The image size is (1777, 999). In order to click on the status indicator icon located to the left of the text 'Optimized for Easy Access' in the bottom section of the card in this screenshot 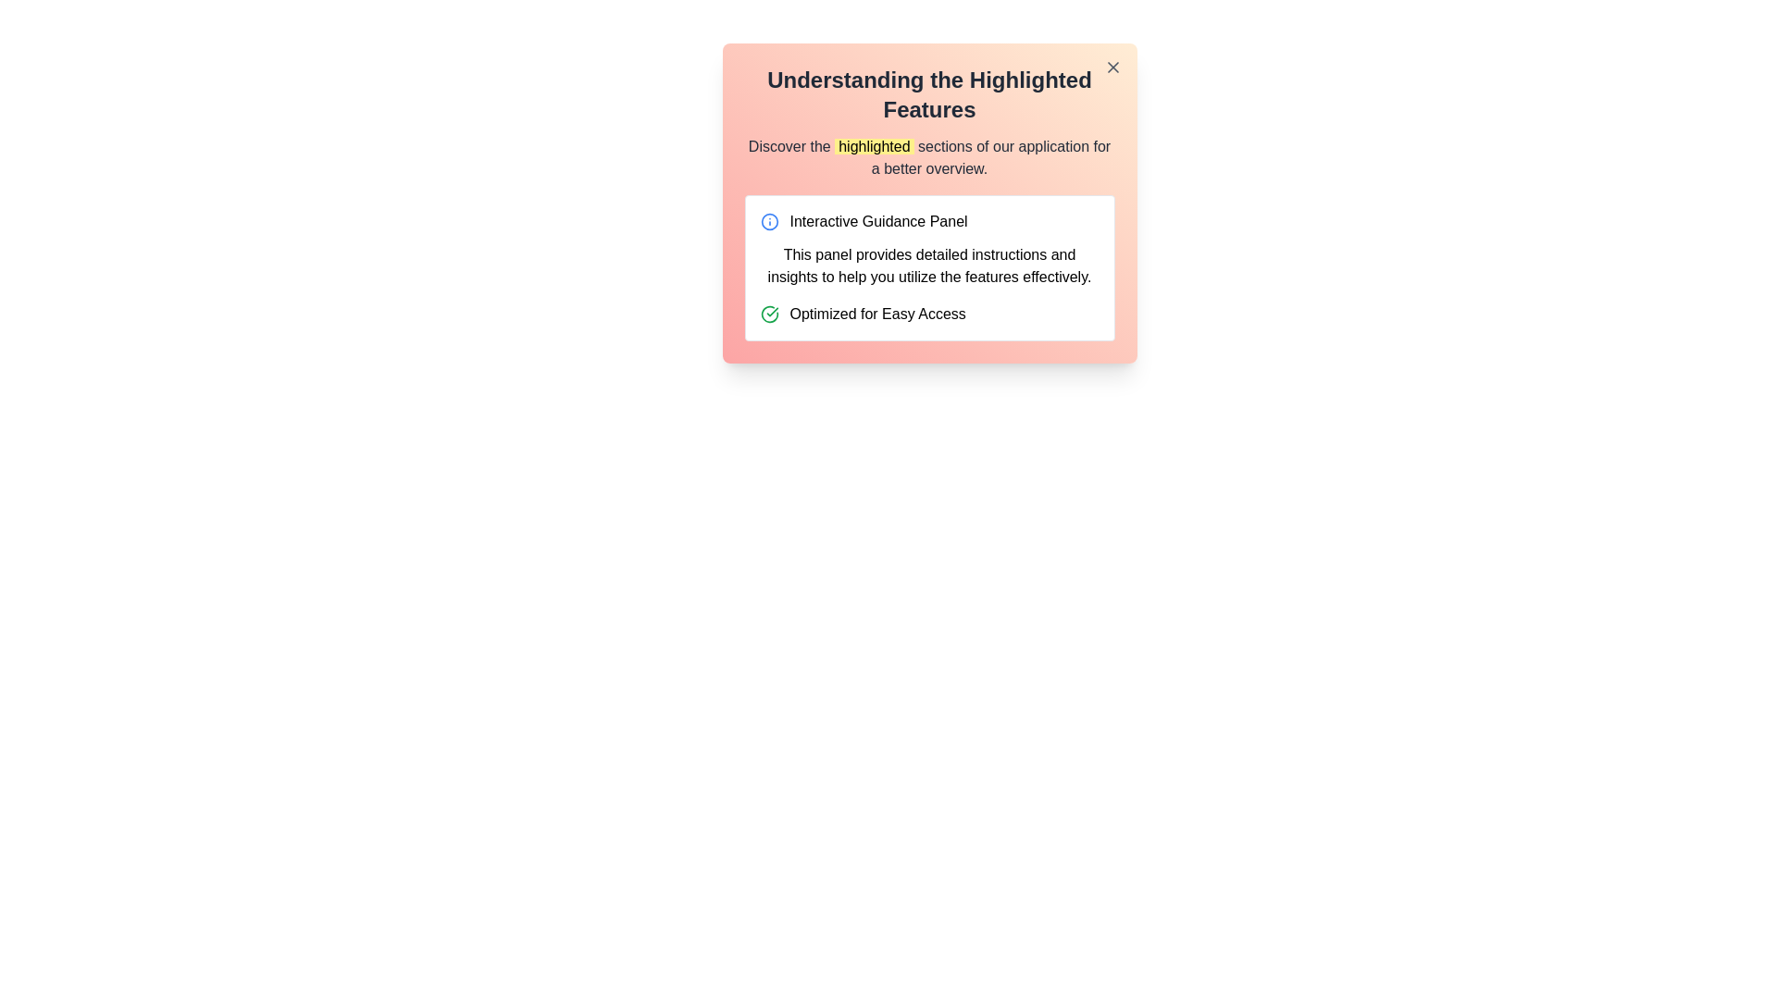, I will do `click(769, 313)`.